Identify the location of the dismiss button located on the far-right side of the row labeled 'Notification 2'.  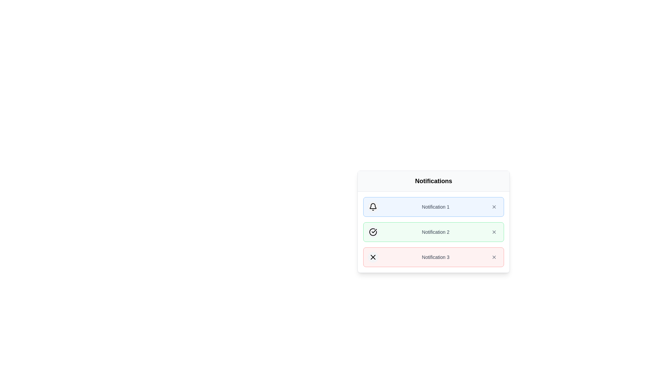
(494, 231).